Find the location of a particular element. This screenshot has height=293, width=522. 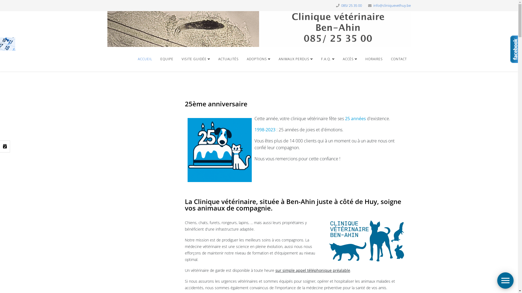

'HORAIRES' is located at coordinates (373, 59).